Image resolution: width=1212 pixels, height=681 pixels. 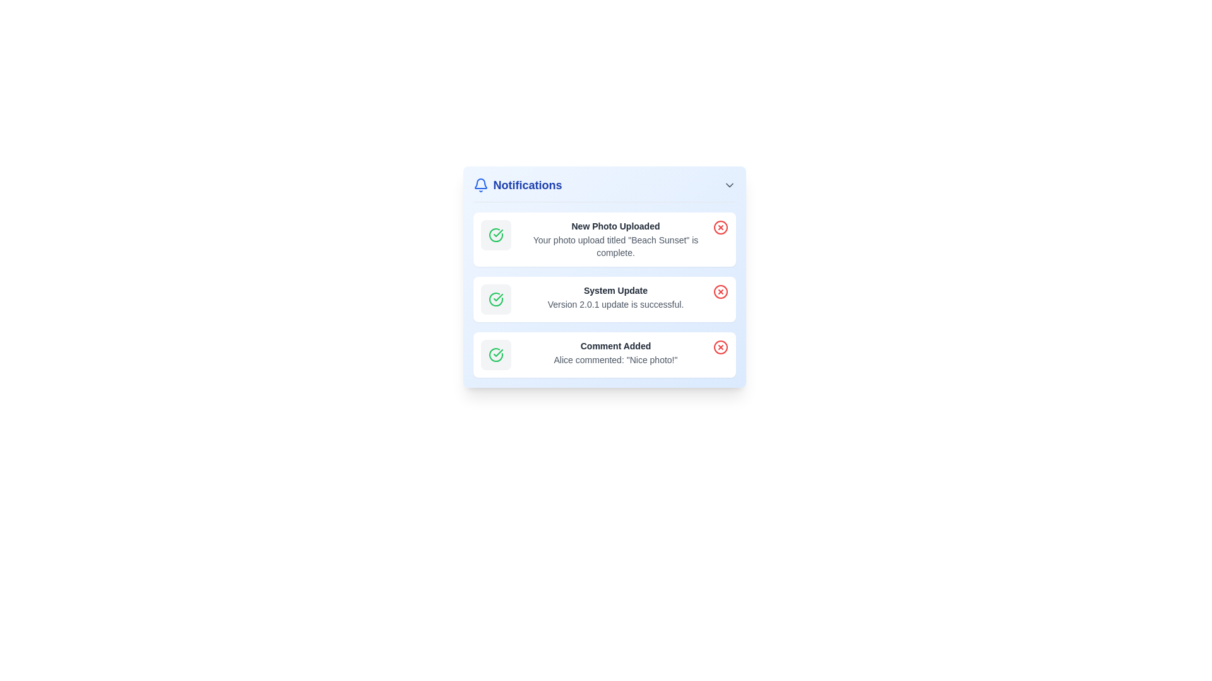 What do you see at coordinates (495, 299) in the screenshot?
I see `the icon that indicates a successful or completed state of the second notification item in the Notifications panel for additional information` at bounding box center [495, 299].